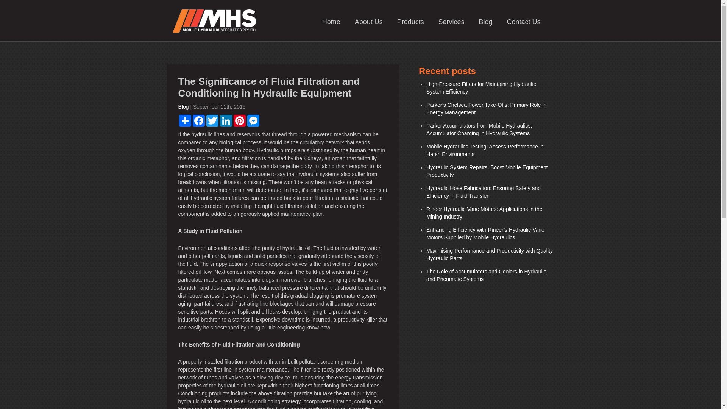 The width and height of the screenshot is (727, 409). Describe the element at coordinates (185, 120) in the screenshot. I see `'Share'` at that location.